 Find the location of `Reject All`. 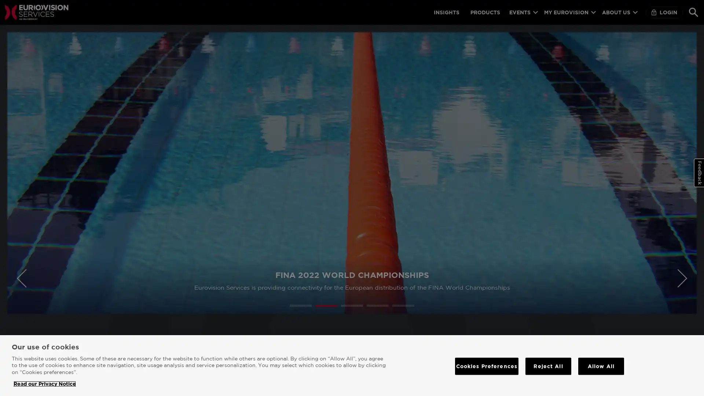

Reject All is located at coordinates (548, 366).